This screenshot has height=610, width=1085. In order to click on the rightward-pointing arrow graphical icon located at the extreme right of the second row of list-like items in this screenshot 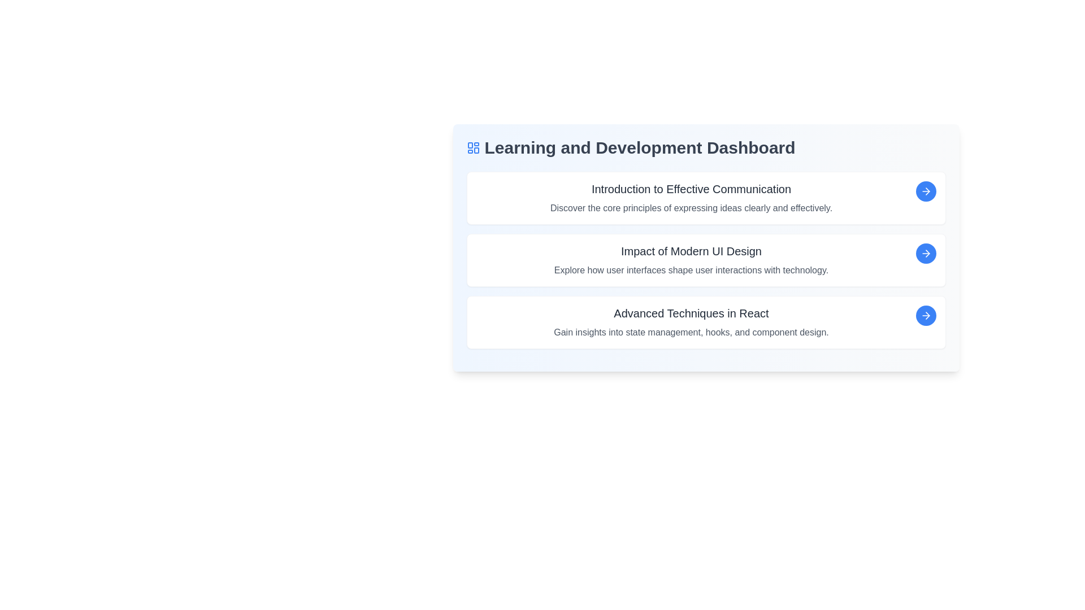, I will do `click(926, 252)`.